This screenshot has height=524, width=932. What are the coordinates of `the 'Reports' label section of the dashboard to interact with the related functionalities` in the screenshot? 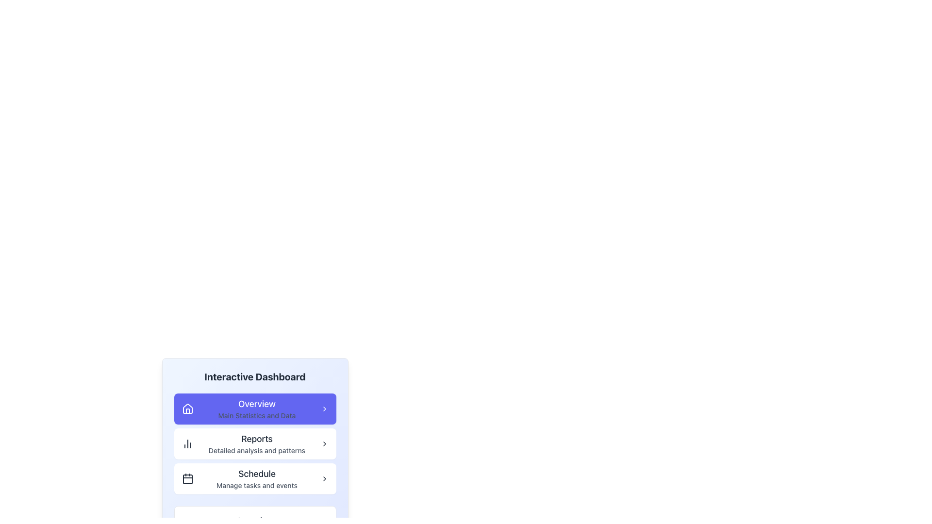 It's located at (257, 439).